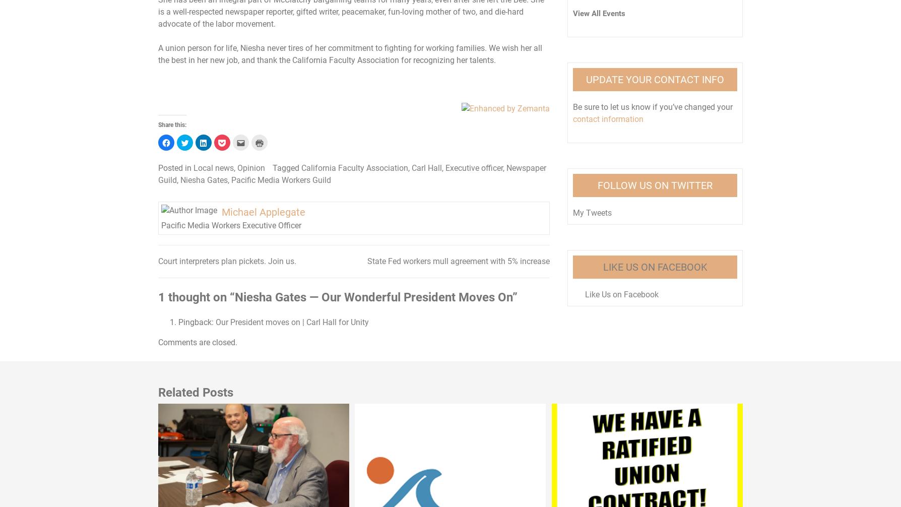  Describe the element at coordinates (572, 118) in the screenshot. I see `'contact information'` at that location.